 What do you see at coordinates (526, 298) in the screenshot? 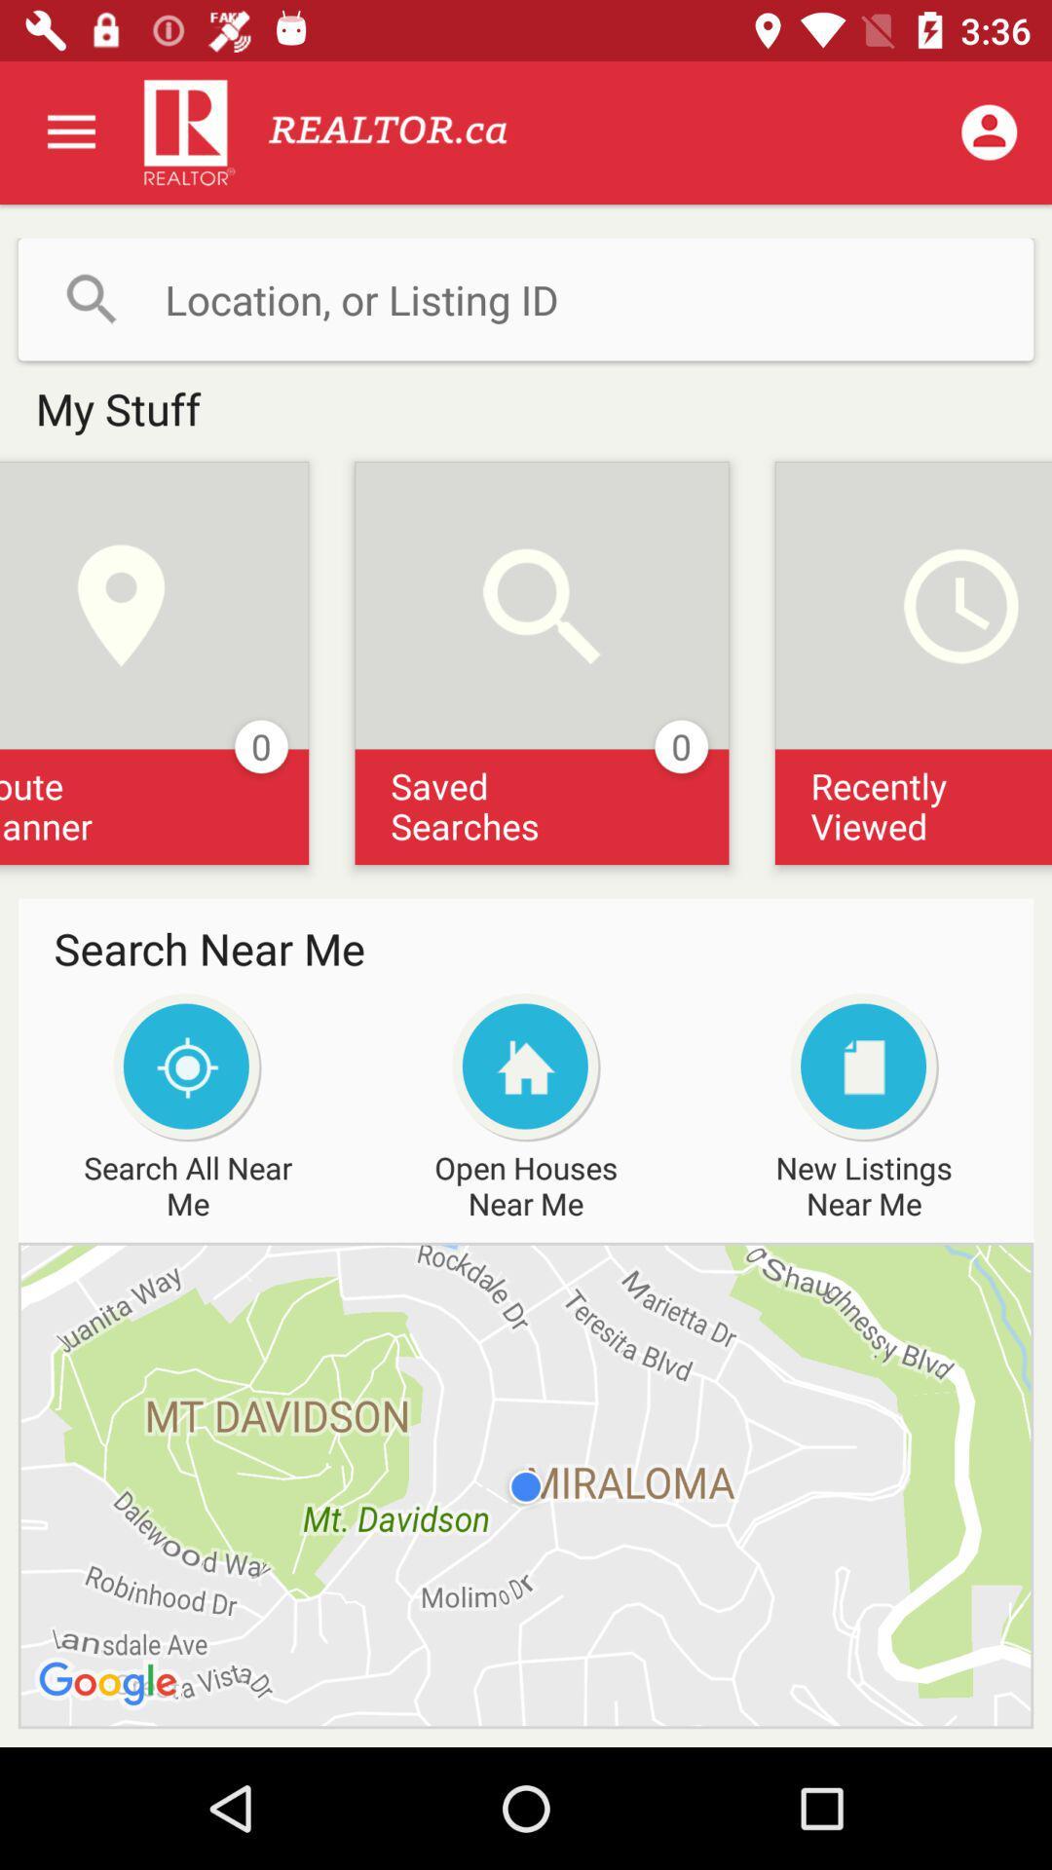
I see `search` at bounding box center [526, 298].